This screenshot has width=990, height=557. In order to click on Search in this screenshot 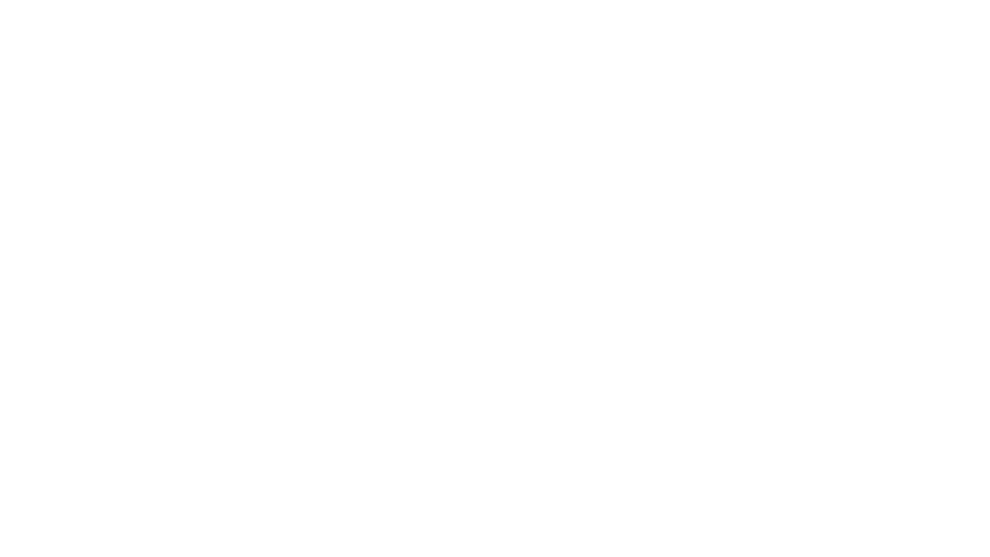, I will do `click(792, 17)`.